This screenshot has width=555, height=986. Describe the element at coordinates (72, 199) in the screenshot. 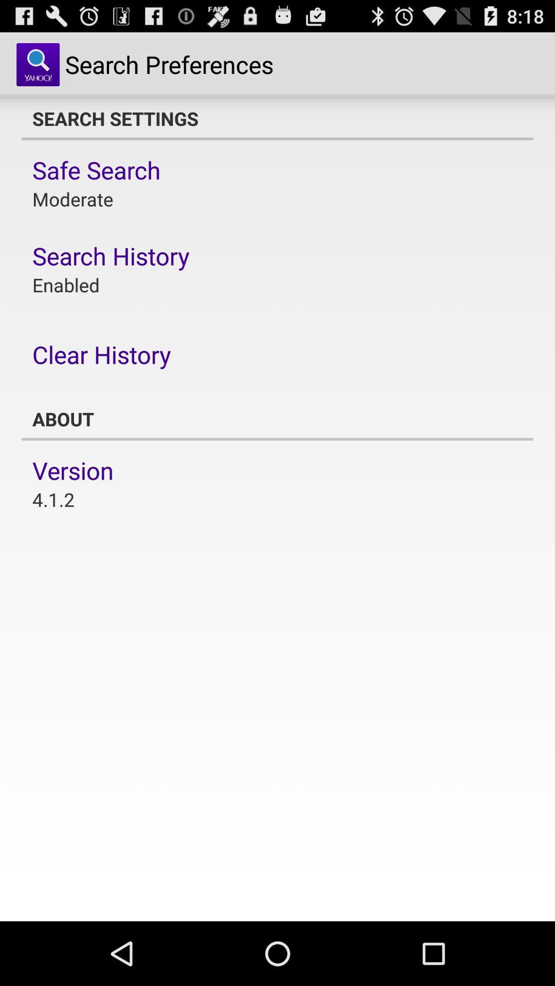

I see `the item below safe search icon` at that location.